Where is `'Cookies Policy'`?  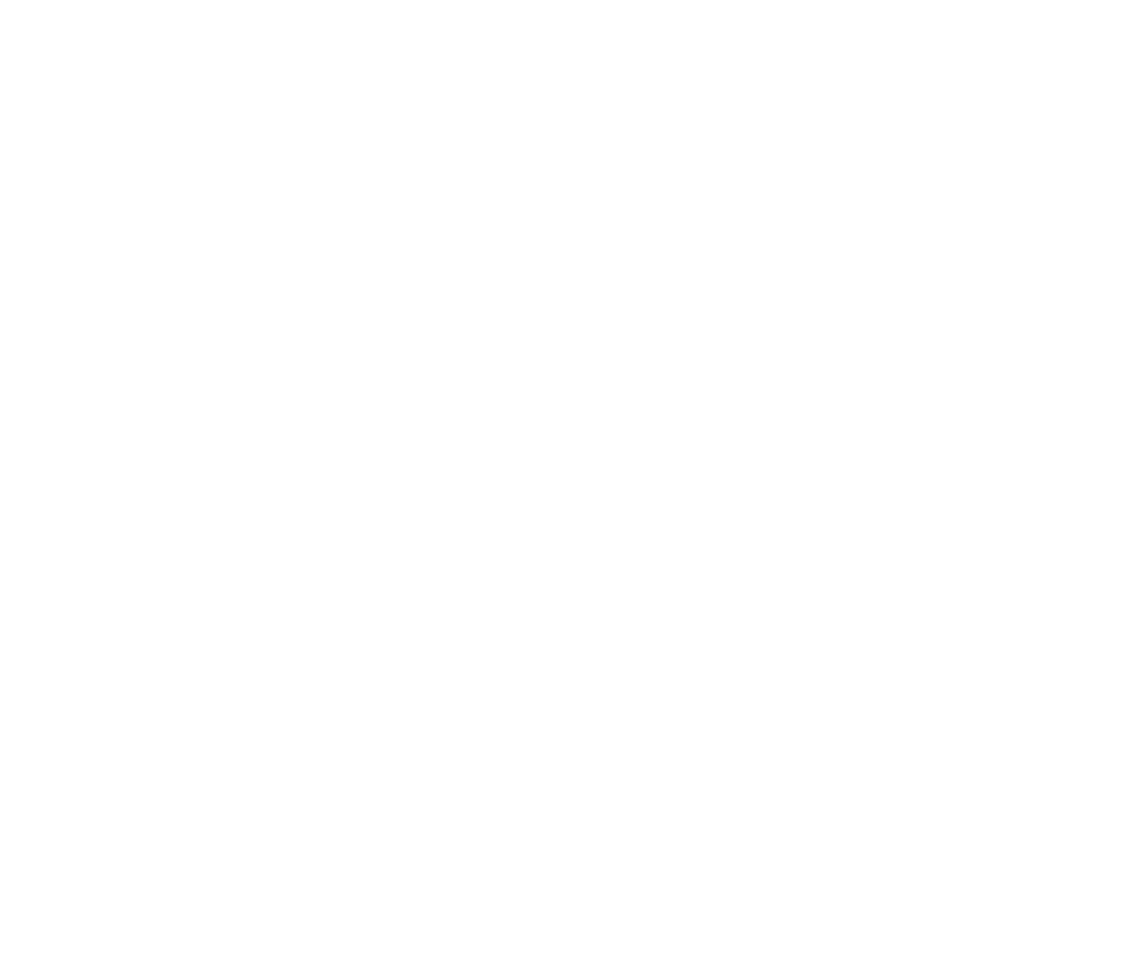
'Cookies Policy' is located at coordinates (364, 775).